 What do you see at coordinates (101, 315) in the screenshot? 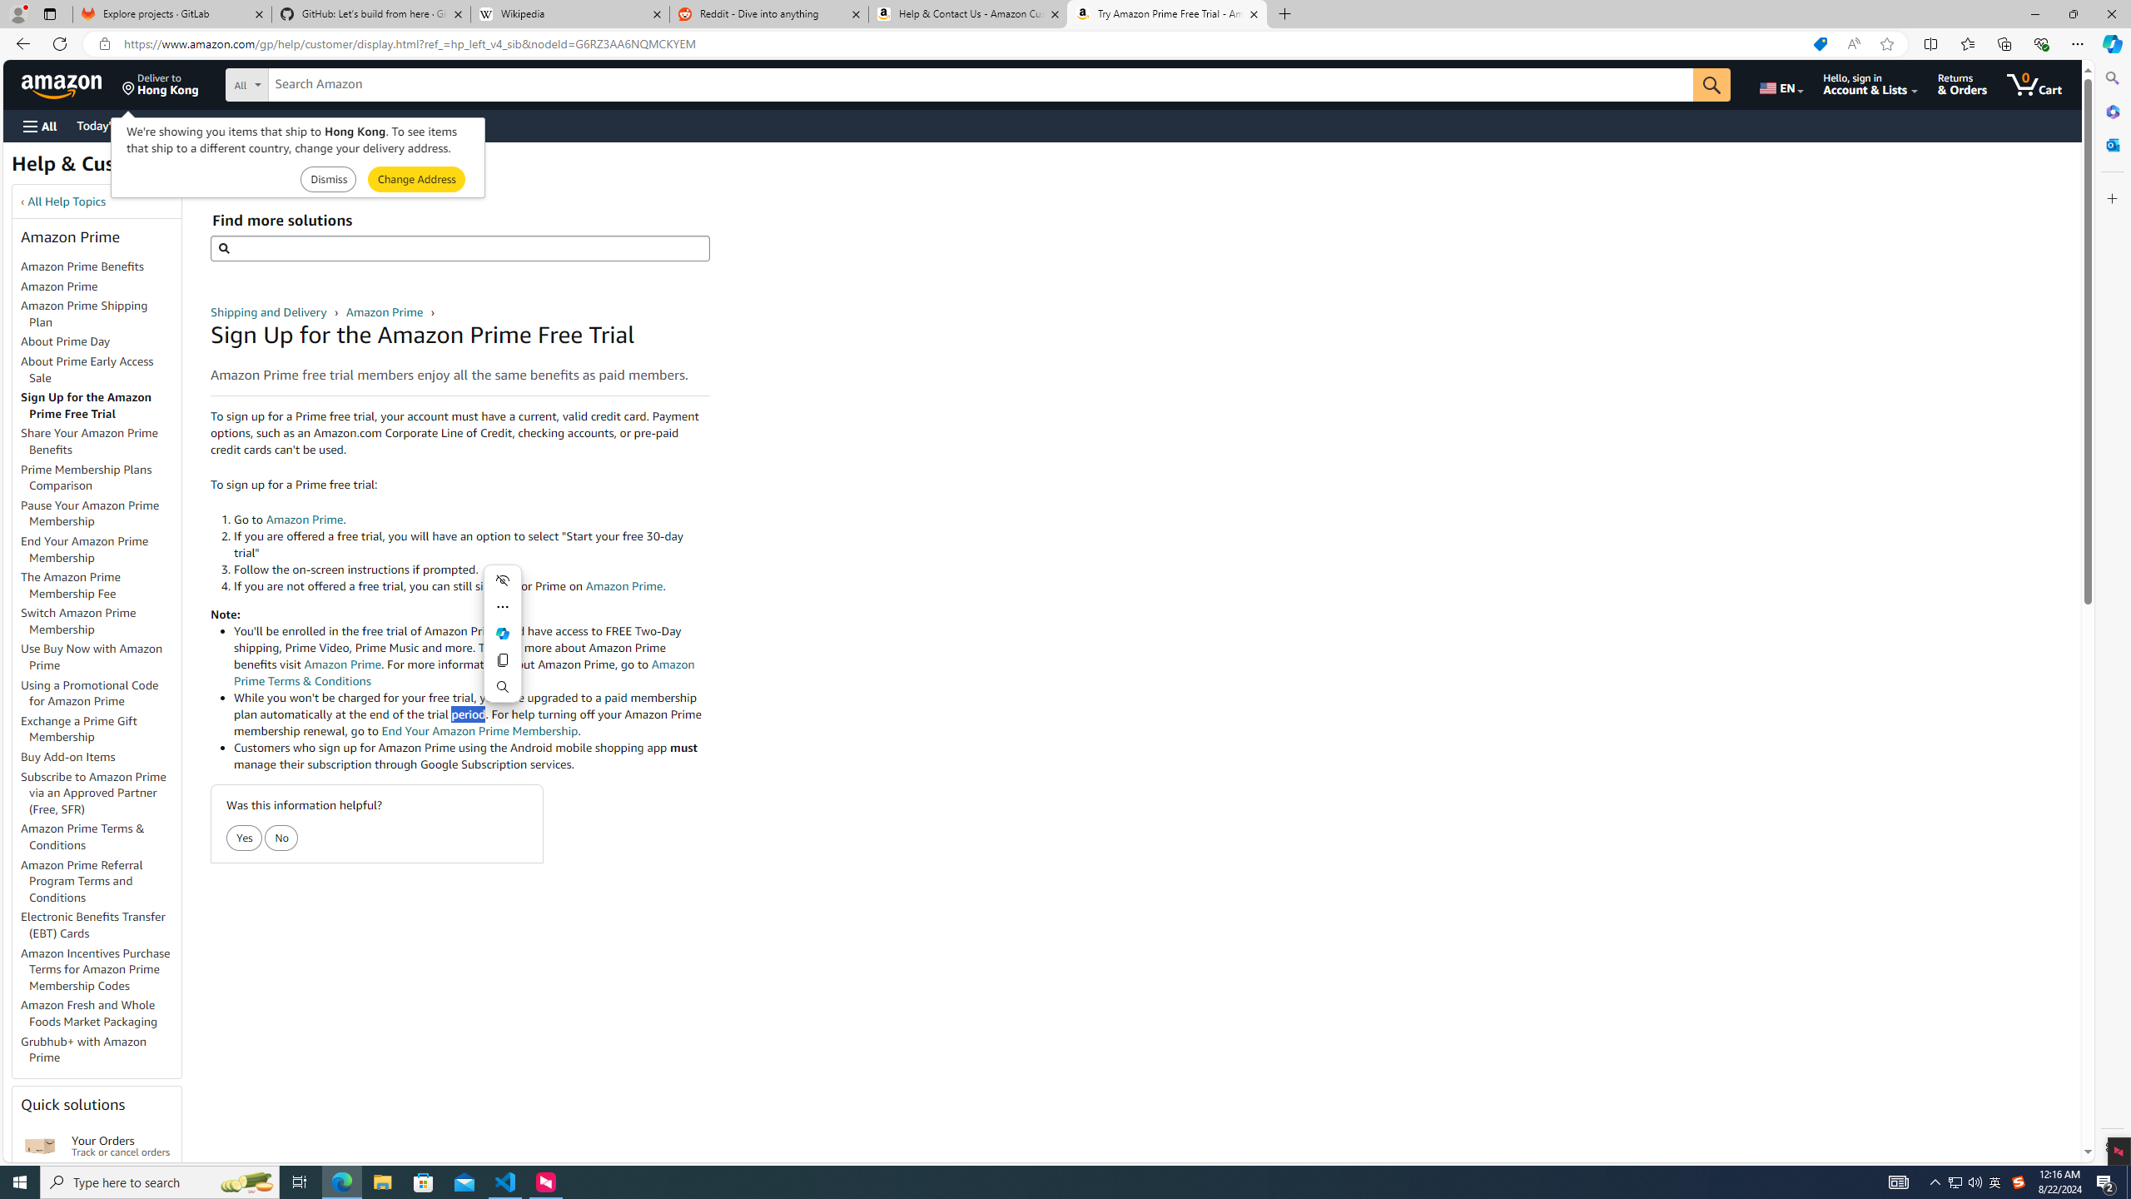
I see `'Amazon Prime Shipping Plan'` at bounding box center [101, 315].